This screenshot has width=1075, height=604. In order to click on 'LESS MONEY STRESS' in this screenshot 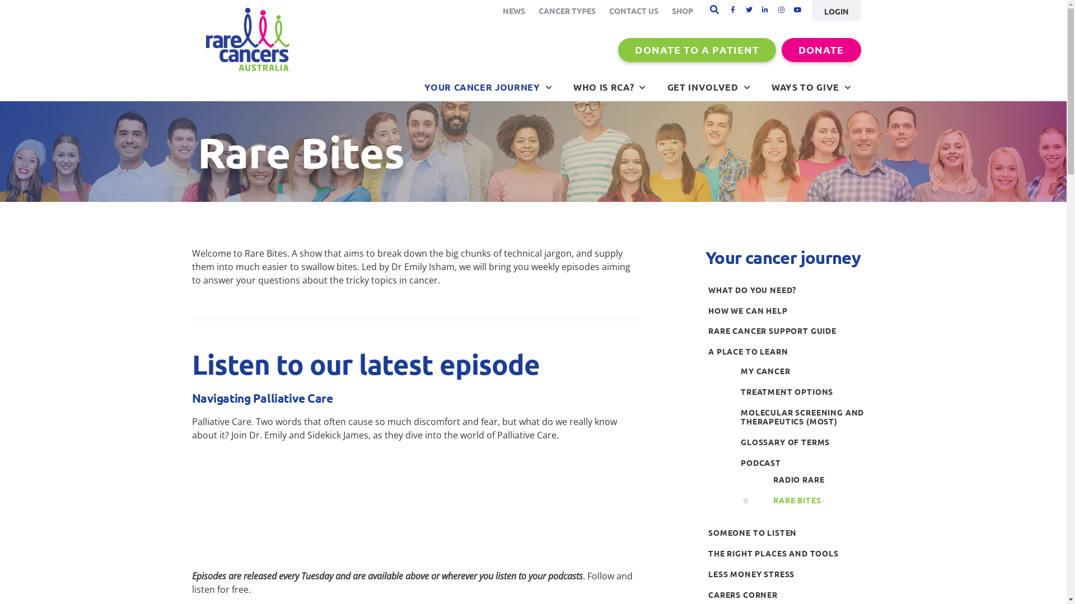, I will do `click(787, 574)`.